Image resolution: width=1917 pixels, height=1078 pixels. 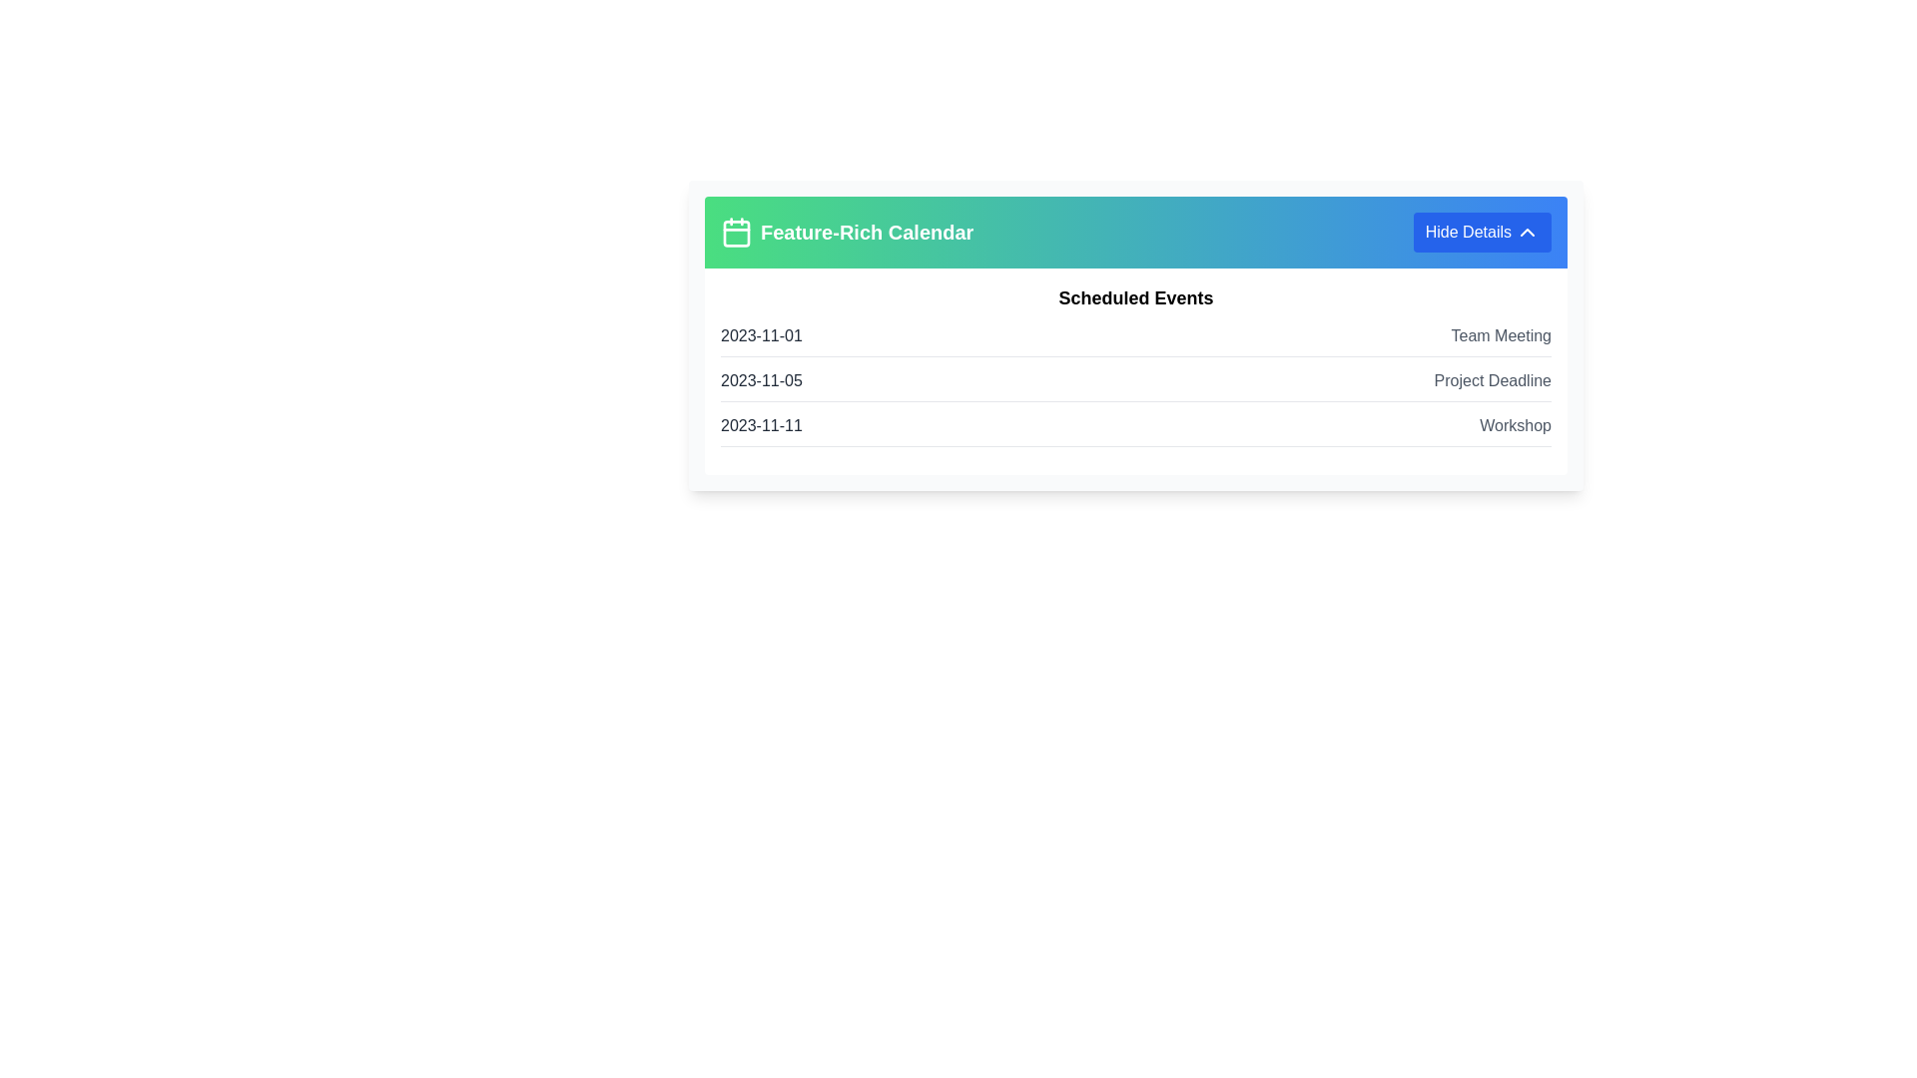 What do you see at coordinates (761, 334) in the screenshot?
I see `the date text '2023-11-01' displayed in dark gray font, positioned at the beginning of a row within the list of events under the 'Feature-Rich Calendar' section, to read the date` at bounding box center [761, 334].